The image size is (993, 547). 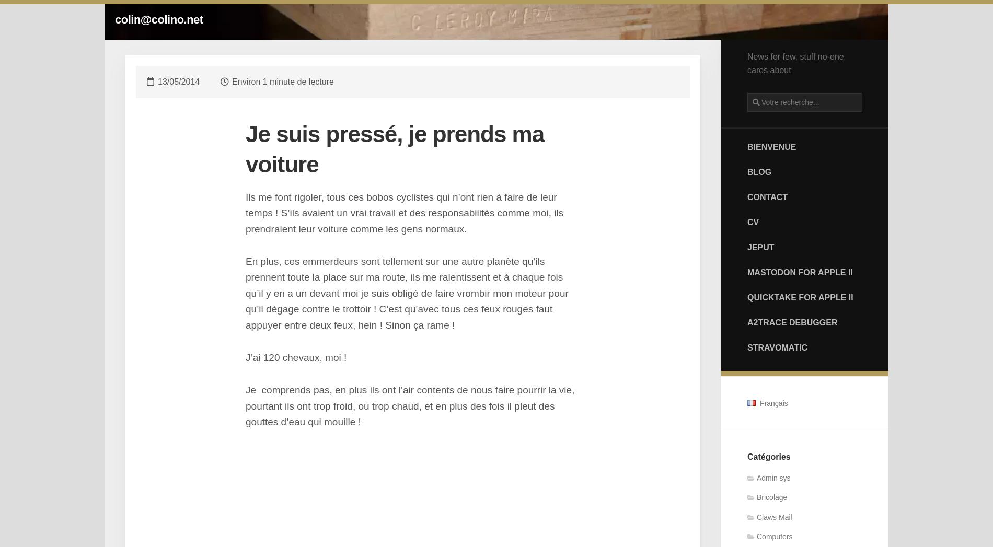 What do you see at coordinates (178, 82) in the screenshot?
I see `'13/05/2014'` at bounding box center [178, 82].